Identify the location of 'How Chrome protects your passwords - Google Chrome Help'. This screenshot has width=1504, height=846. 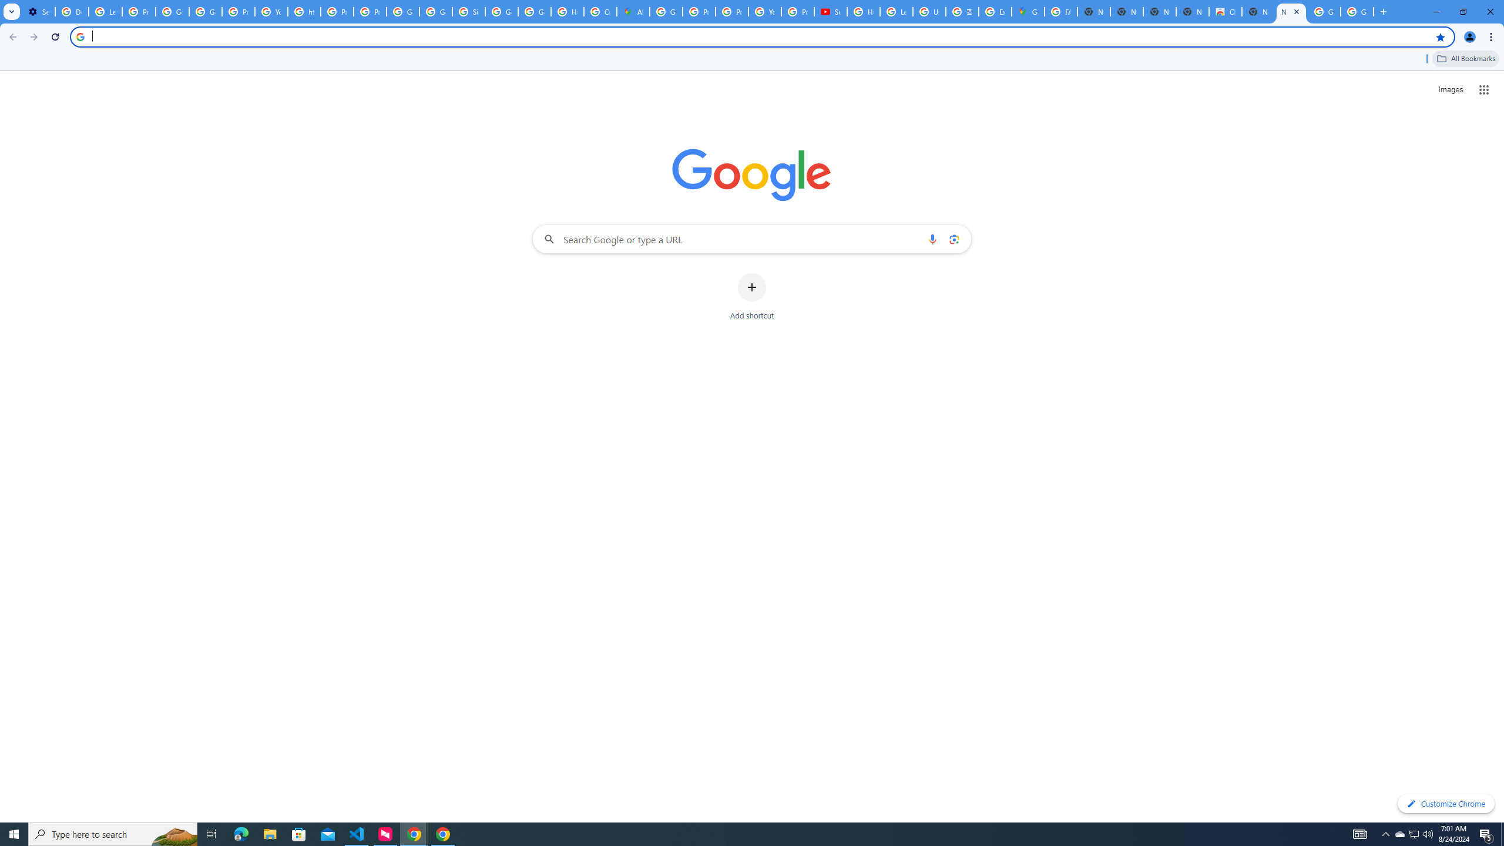
(863, 11).